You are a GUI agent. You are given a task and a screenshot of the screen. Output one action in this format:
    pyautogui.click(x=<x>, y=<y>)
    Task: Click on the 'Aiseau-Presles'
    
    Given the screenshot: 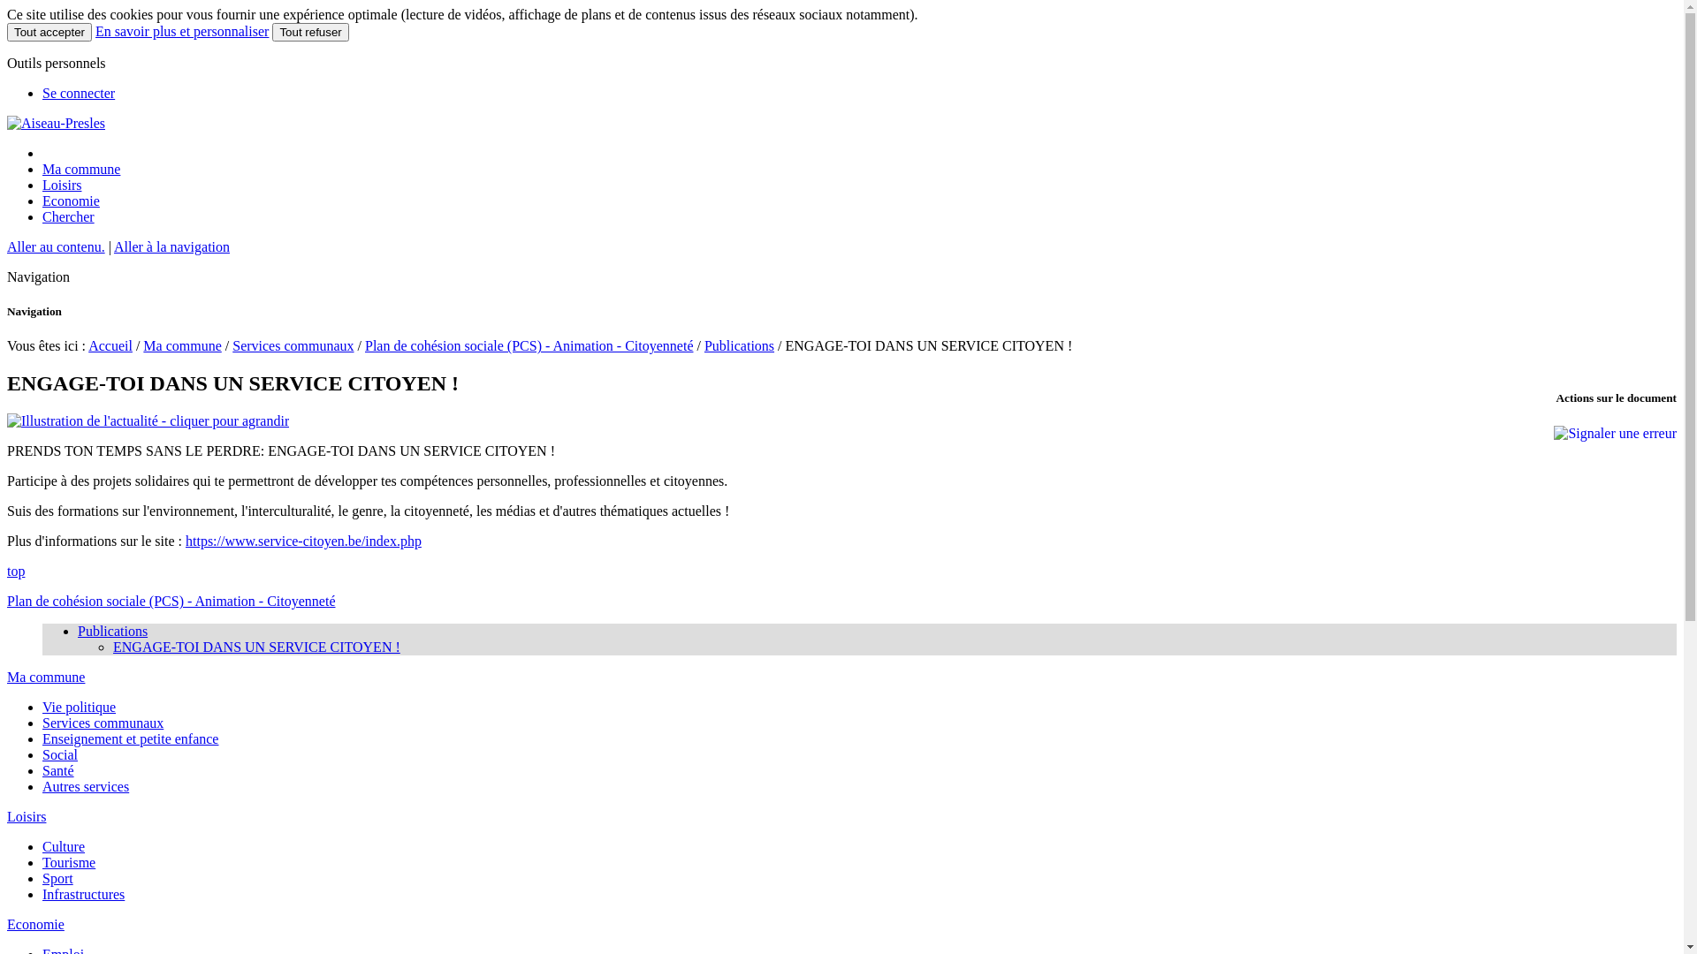 What is the action you would take?
    pyautogui.click(x=56, y=122)
    